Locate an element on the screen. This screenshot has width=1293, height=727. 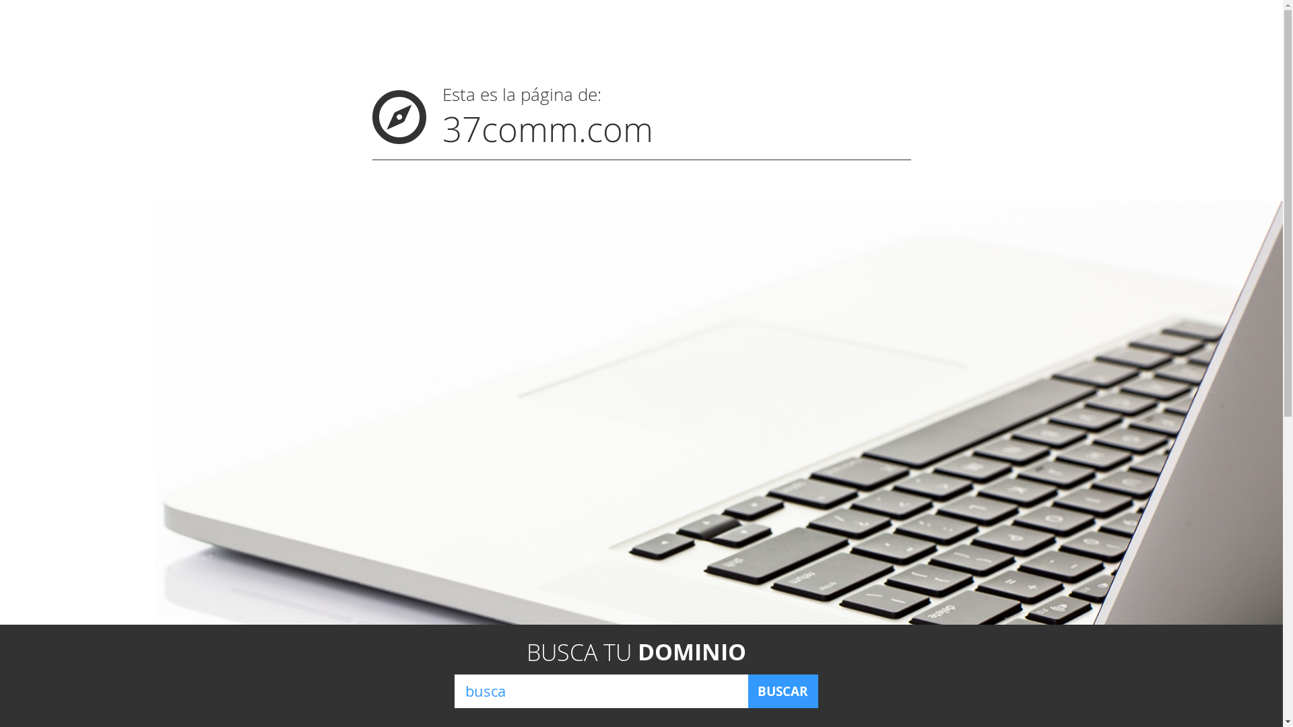
'BUSCAR' is located at coordinates (782, 691).